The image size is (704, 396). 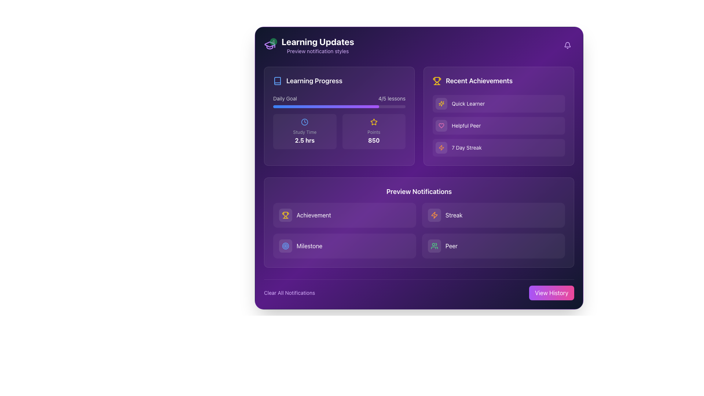 What do you see at coordinates (277, 81) in the screenshot?
I see `the book icon with a blue outline located in the upper left corner of the 'Learning Progress' card, adjacent to the 'Learning Progress' label` at bounding box center [277, 81].